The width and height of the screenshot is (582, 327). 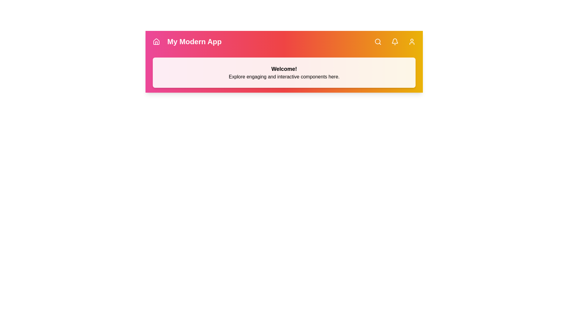 What do you see at coordinates (378, 41) in the screenshot?
I see `the search button` at bounding box center [378, 41].